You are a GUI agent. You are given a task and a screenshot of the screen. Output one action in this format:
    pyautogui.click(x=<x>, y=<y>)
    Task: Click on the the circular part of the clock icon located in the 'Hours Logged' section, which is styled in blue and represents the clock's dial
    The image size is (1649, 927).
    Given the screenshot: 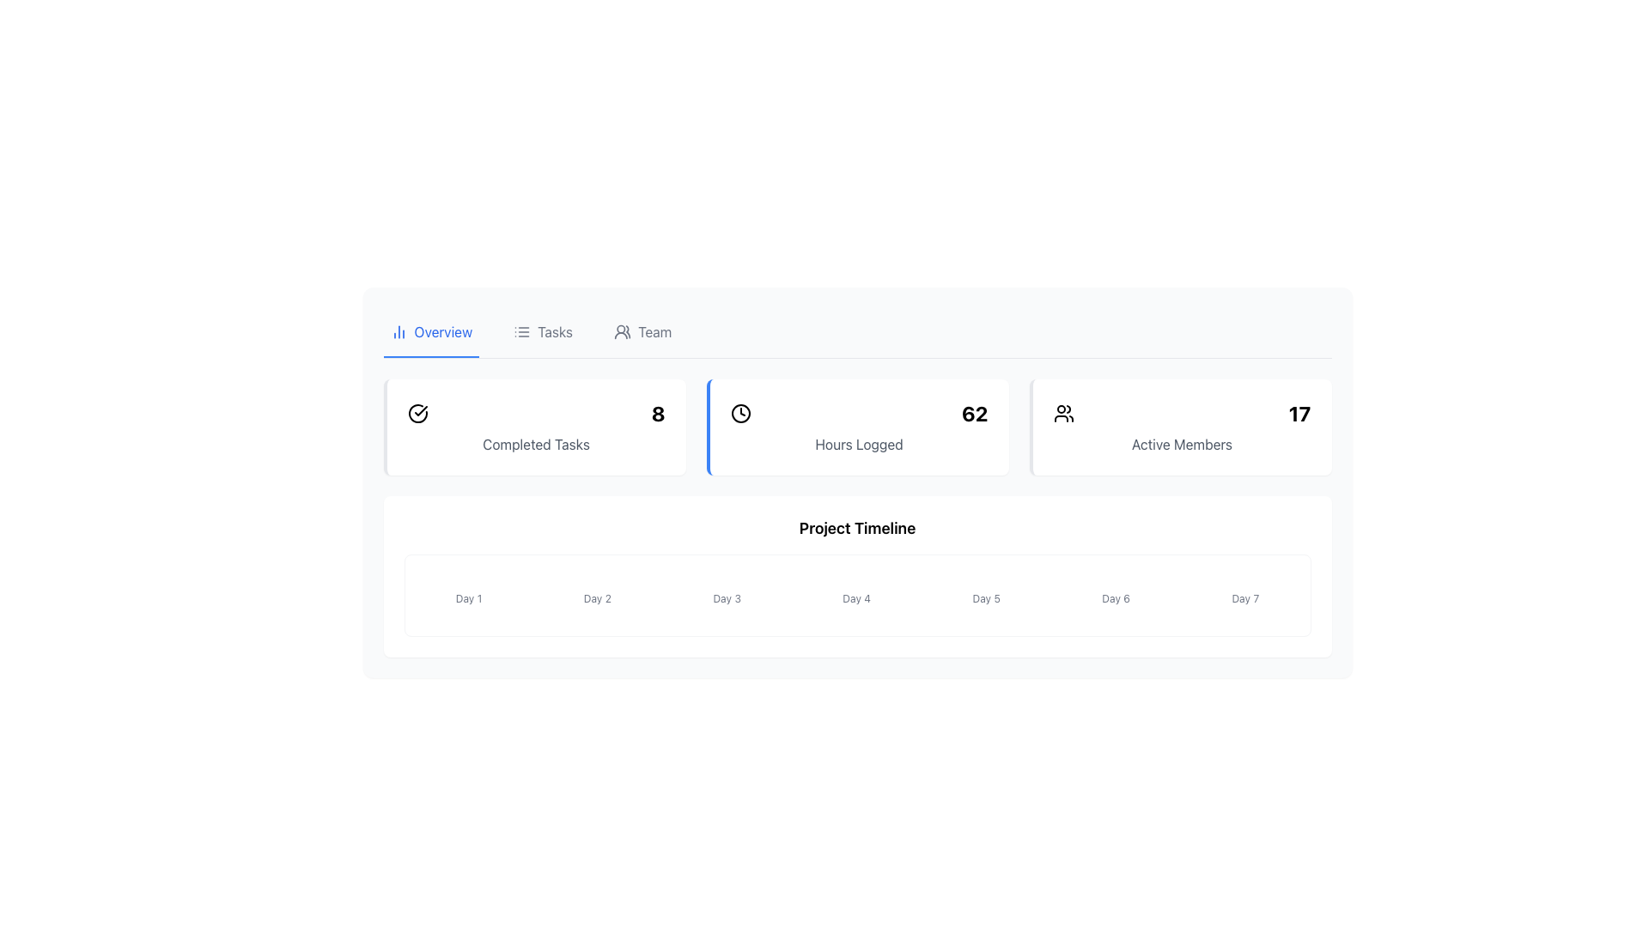 What is the action you would take?
    pyautogui.click(x=740, y=414)
    